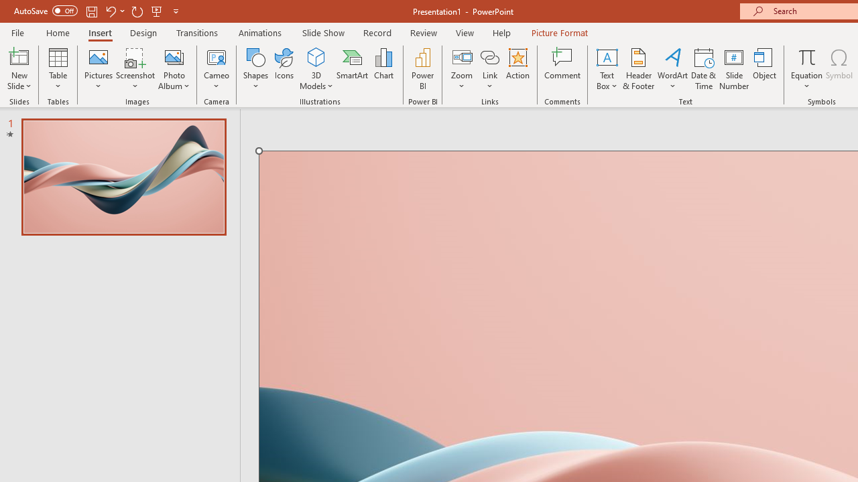  What do you see at coordinates (58, 69) in the screenshot?
I see `'Table'` at bounding box center [58, 69].